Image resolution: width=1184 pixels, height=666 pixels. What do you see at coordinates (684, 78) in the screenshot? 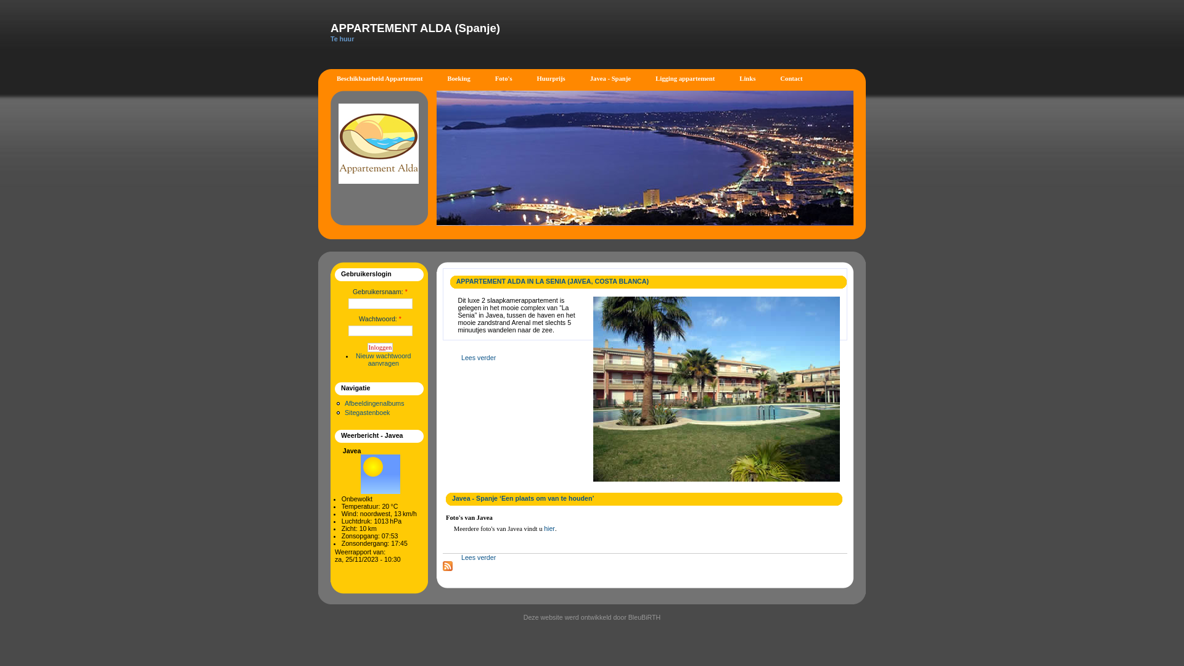
I see `'Ligging appartement'` at bounding box center [684, 78].